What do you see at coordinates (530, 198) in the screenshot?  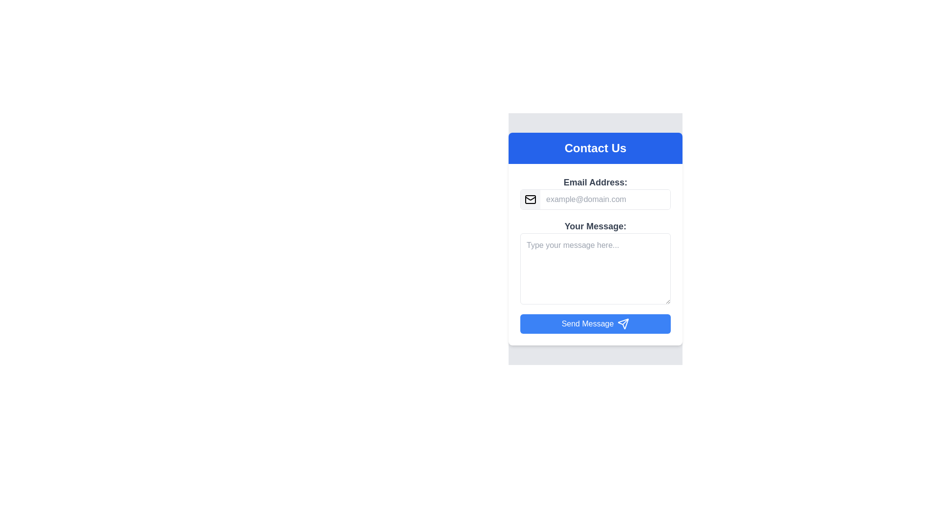 I see `the stylized envelope flap icon, which is part of an envelope symbol representing email features, located to the left of the text 'example@domain.com'` at bounding box center [530, 198].